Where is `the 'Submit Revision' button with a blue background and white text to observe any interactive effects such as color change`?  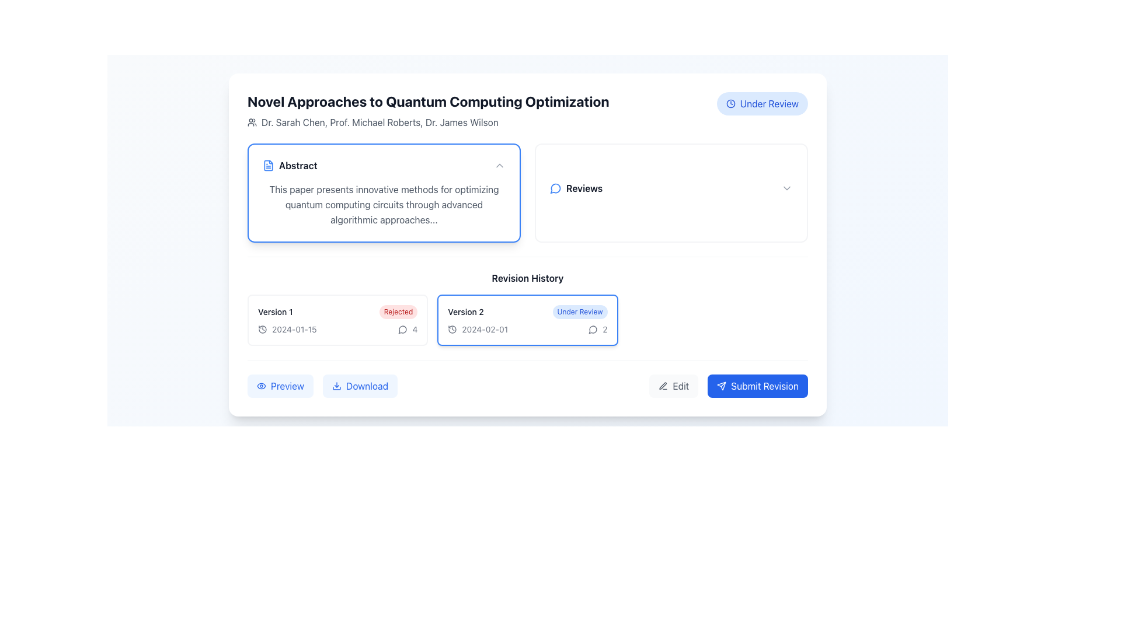
the 'Submit Revision' button with a blue background and white text to observe any interactive effects such as color change is located at coordinates (758, 386).